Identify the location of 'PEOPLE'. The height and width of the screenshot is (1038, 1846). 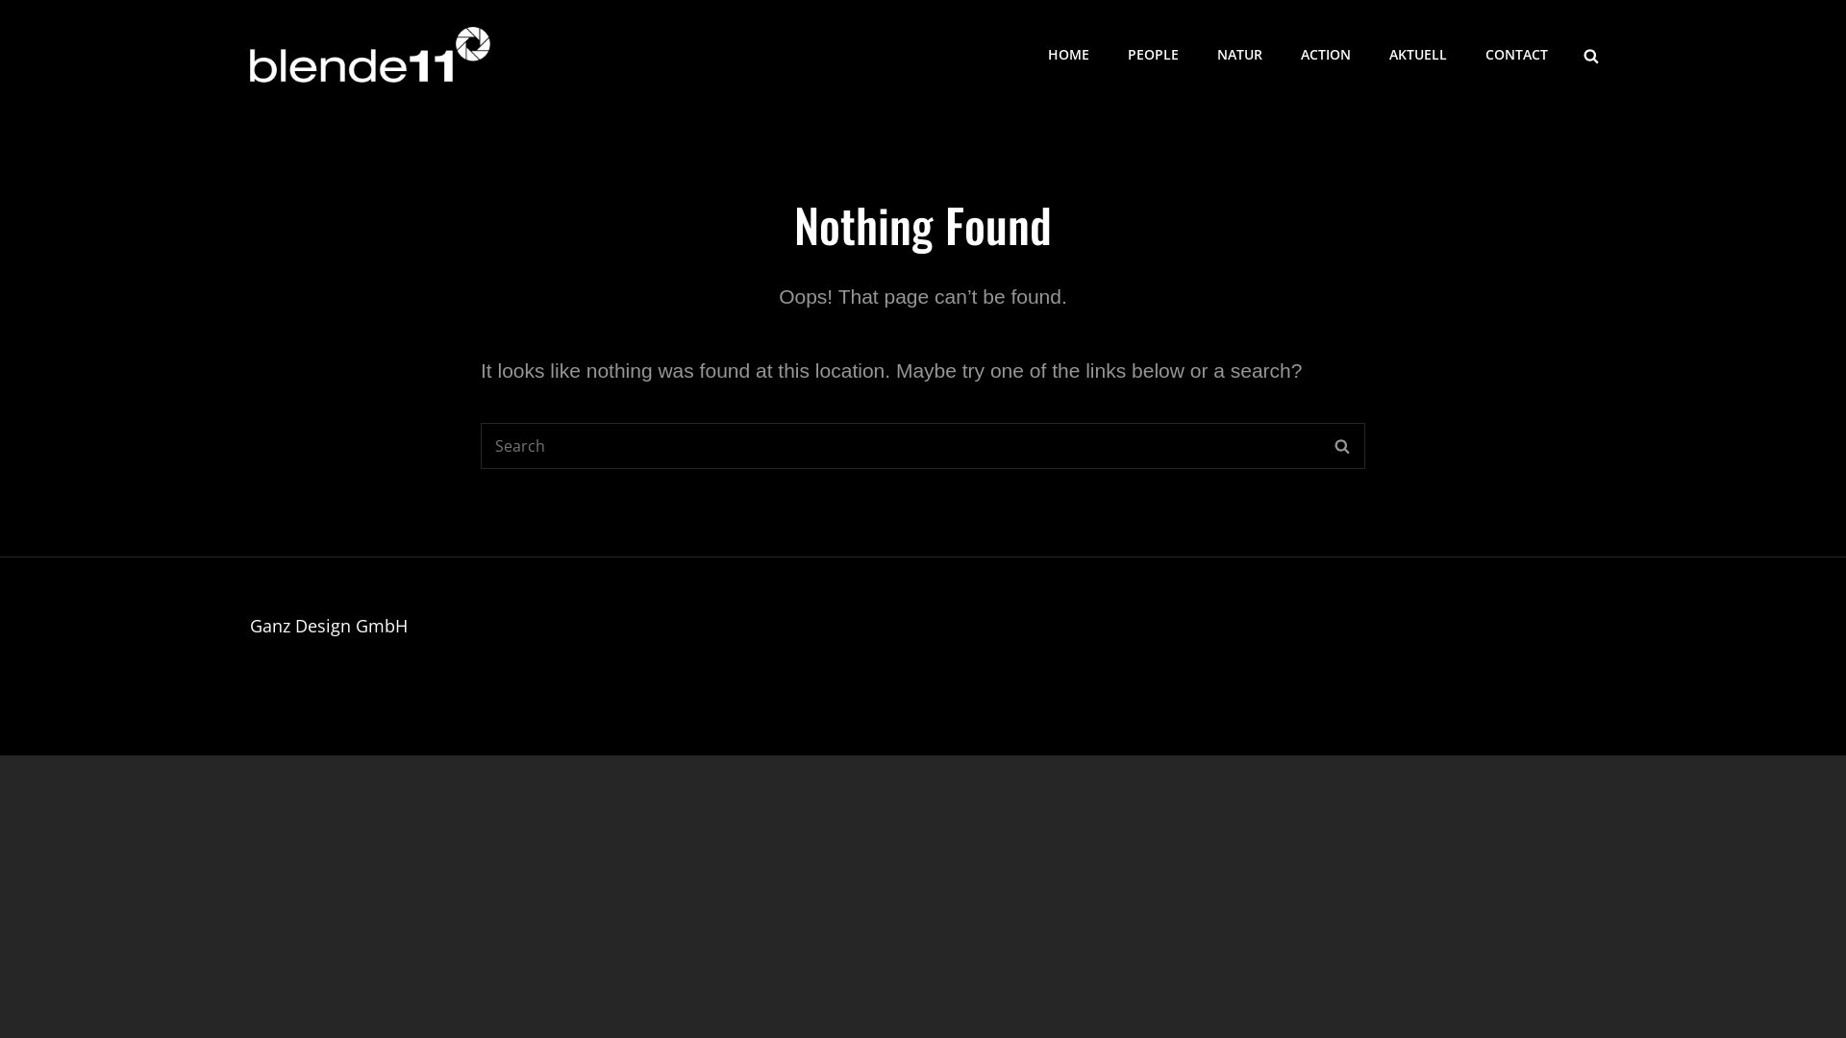
(1153, 54).